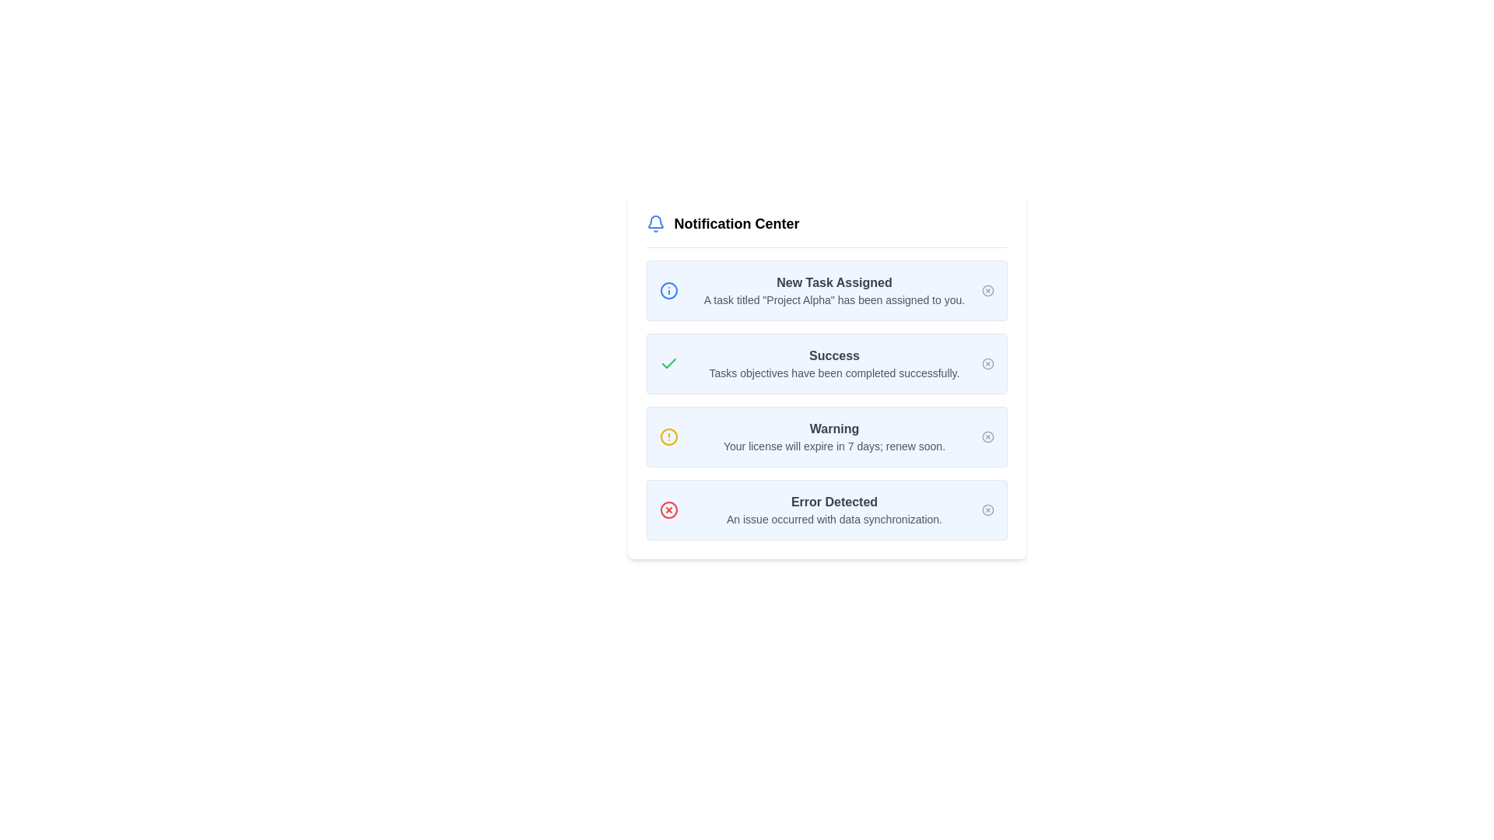 Image resolution: width=1494 pixels, height=840 pixels. What do you see at coordinates (668, 437) in the screenshot?
I see `properties of the SVG Circle Component located in the warning notification row, adjacent to the warning text about license expiration` at bounding box center [668, 437].